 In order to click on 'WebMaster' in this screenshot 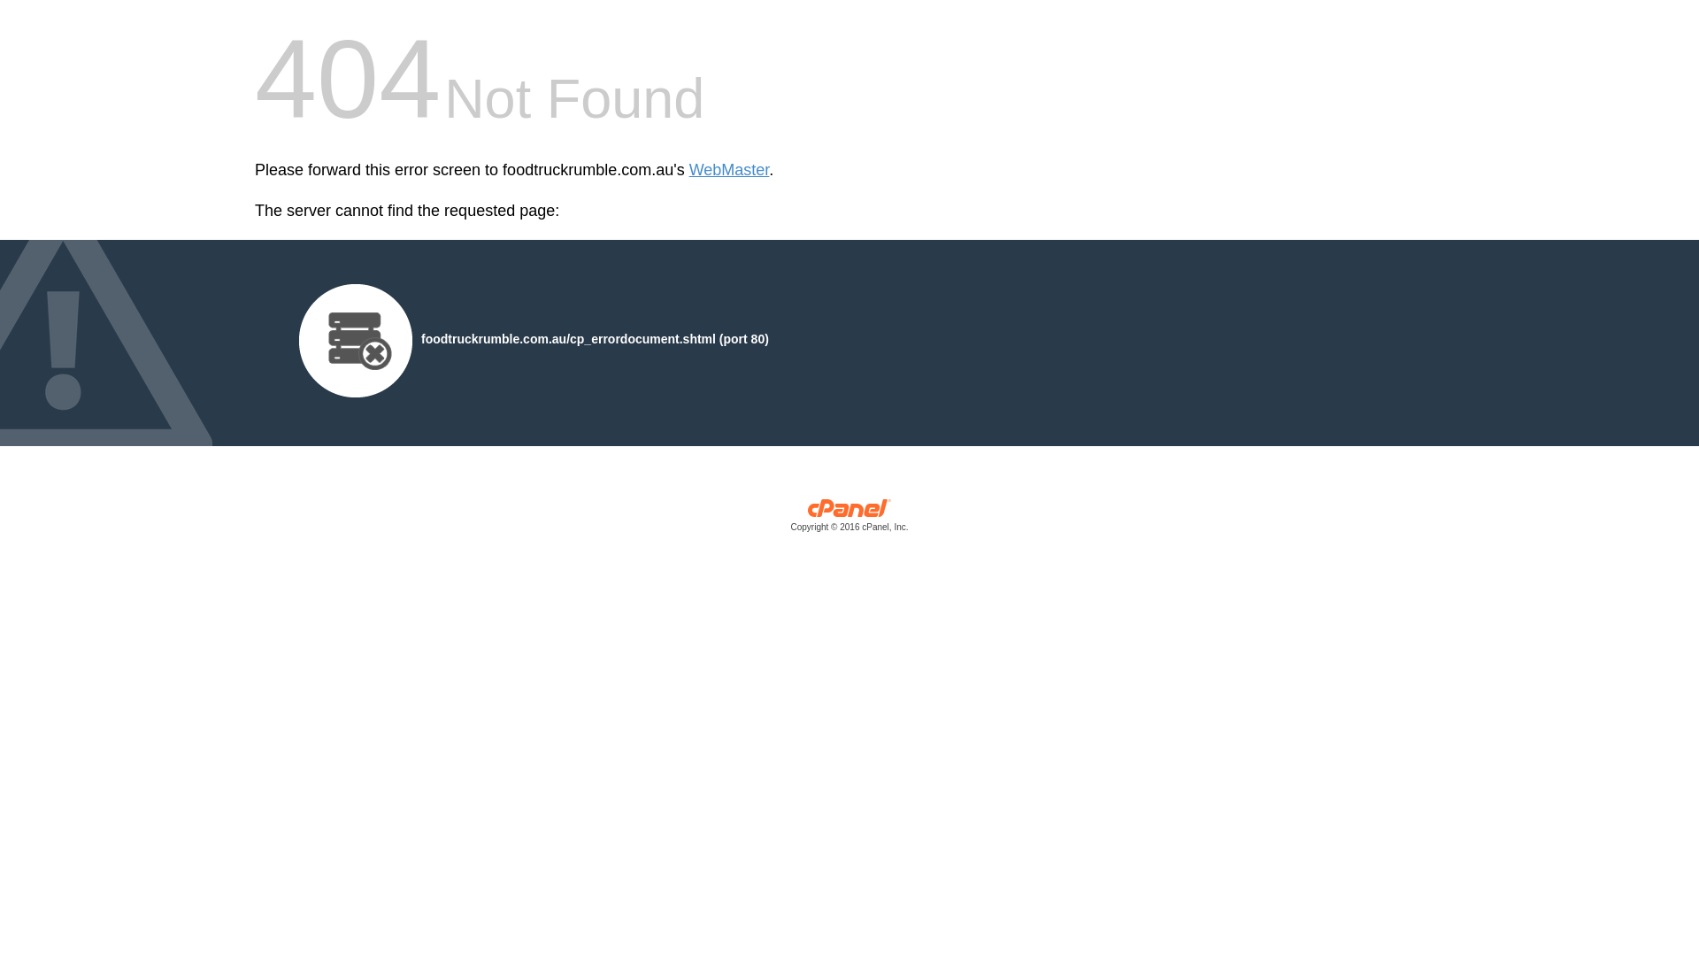, I will do `click(729, 170)`.